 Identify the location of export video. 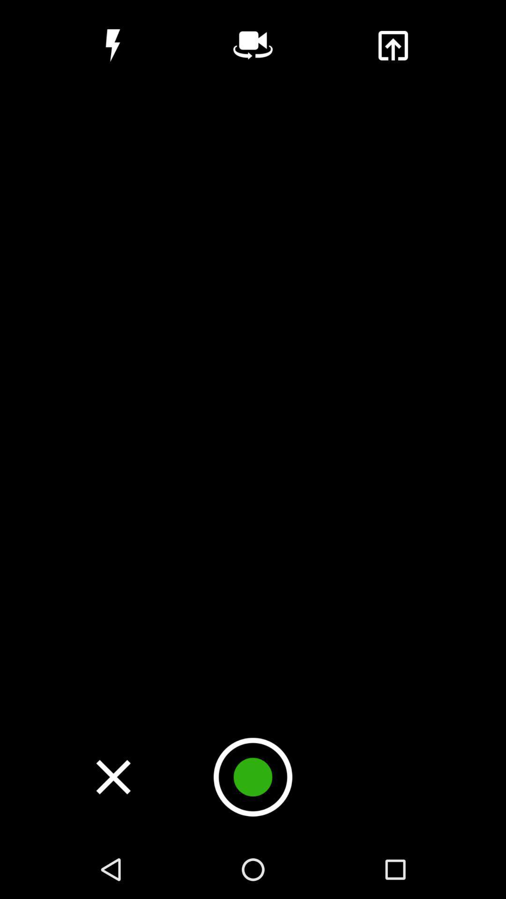
(393, 45).